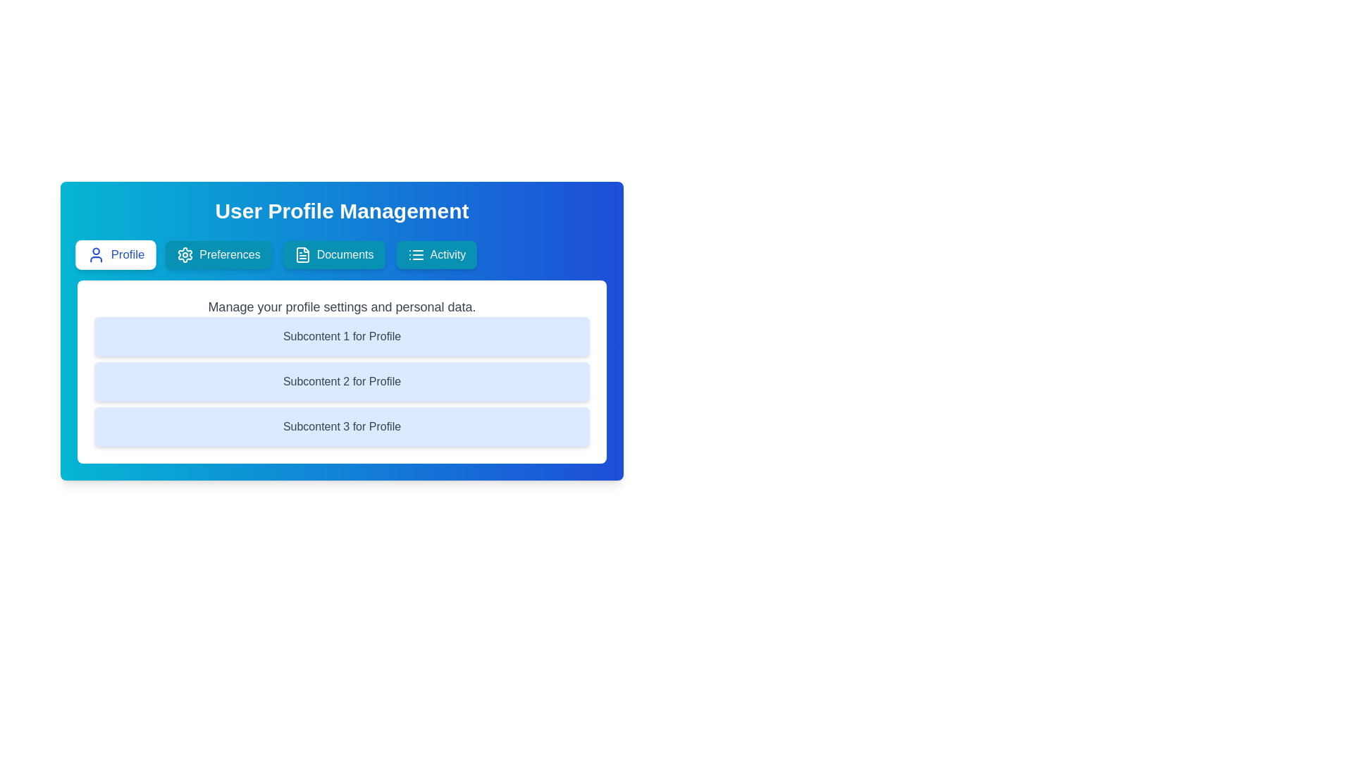 Image resolution: width=1353 pixels, height=761 pixels. What do you see at coordinates (342, 382) in the screenshot?
I see `the static text display box that serves as a subcontent section for user profile information, positioned between 'Subcontent 1 for Profile' and 'Subcontent 3 for Profile', under the heading 'Manage your profile settings and personal data'` at bounding box center [342, 382].